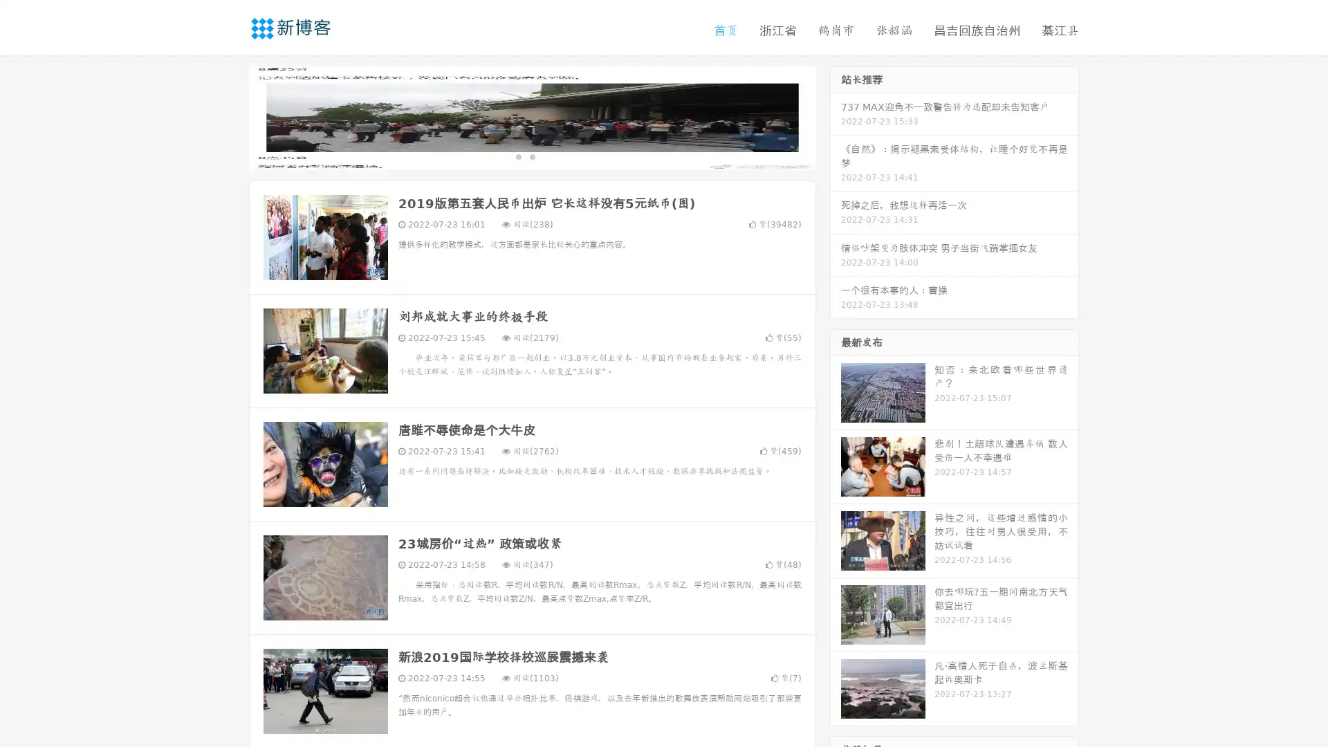  Describe the element at coordinates (836, 116) in the screenshot. I see `Next slide` at that location.